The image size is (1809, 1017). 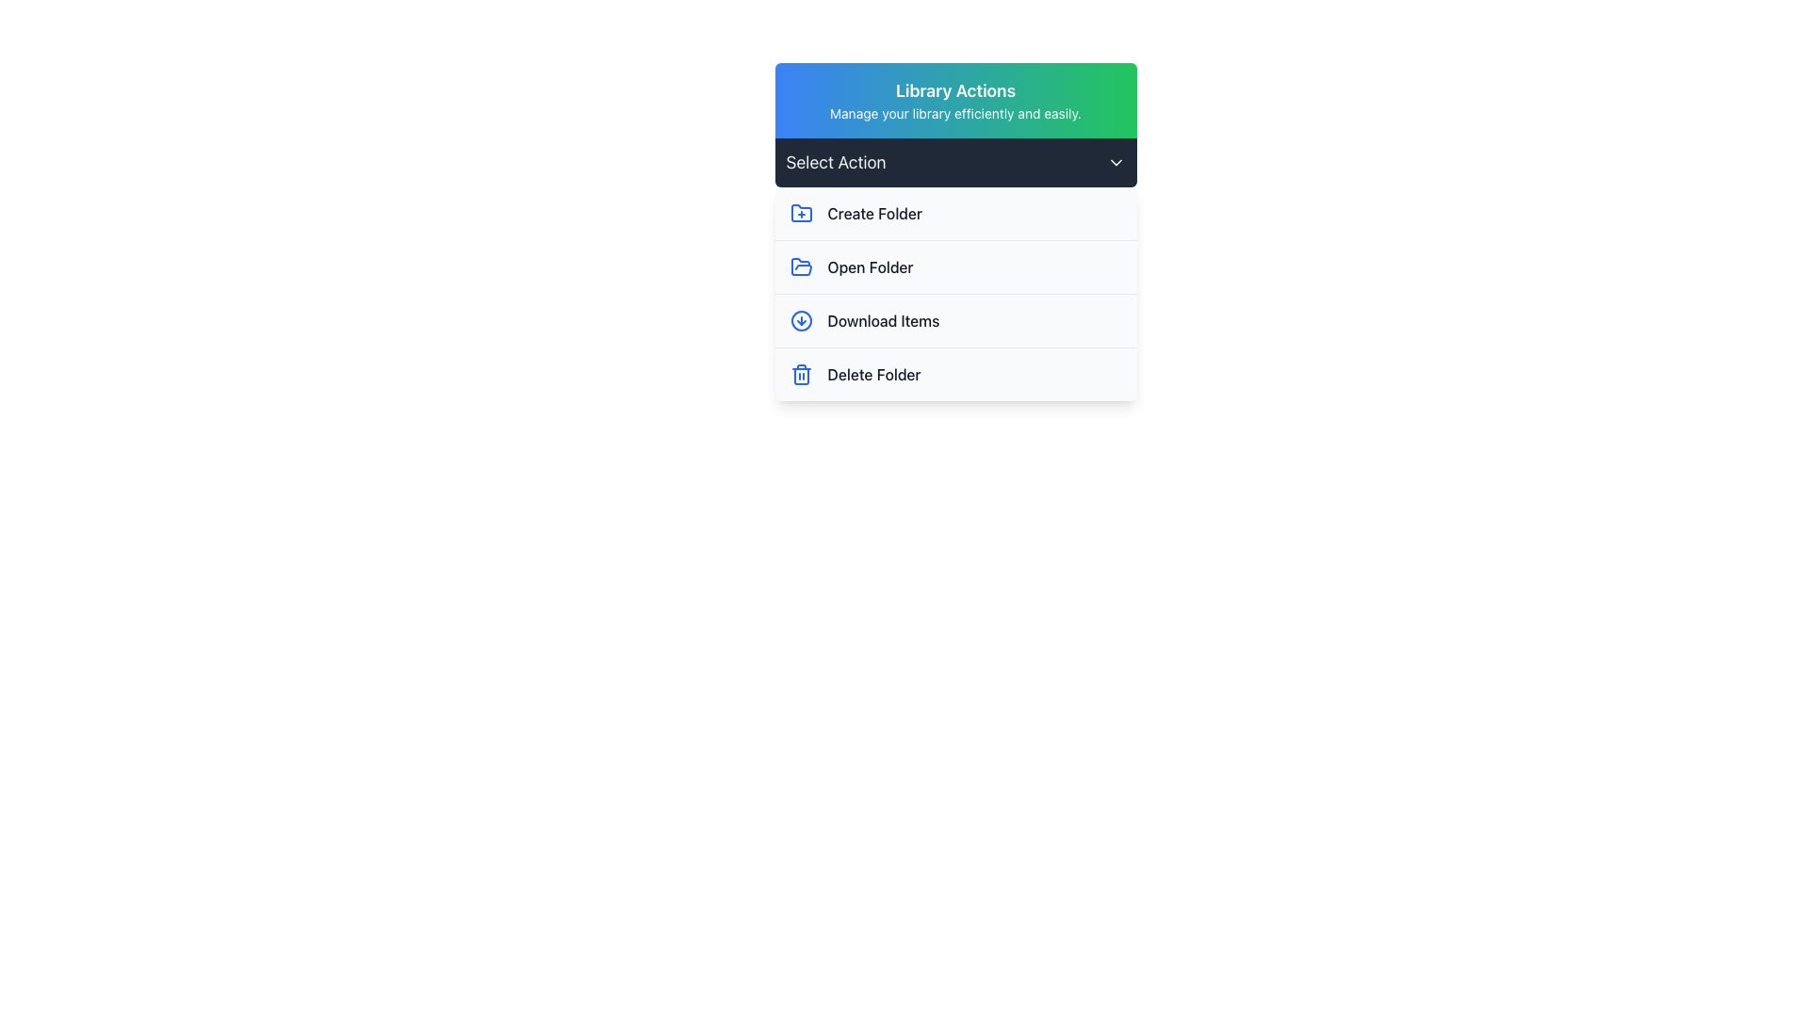 What do you see at coordinates (801, 374) in the screenshot?
I see `the blue trash bin icon located to the left of the 'Delete Folder' text in the menu list to initiate a delete action` at bounding box center [801, 374].